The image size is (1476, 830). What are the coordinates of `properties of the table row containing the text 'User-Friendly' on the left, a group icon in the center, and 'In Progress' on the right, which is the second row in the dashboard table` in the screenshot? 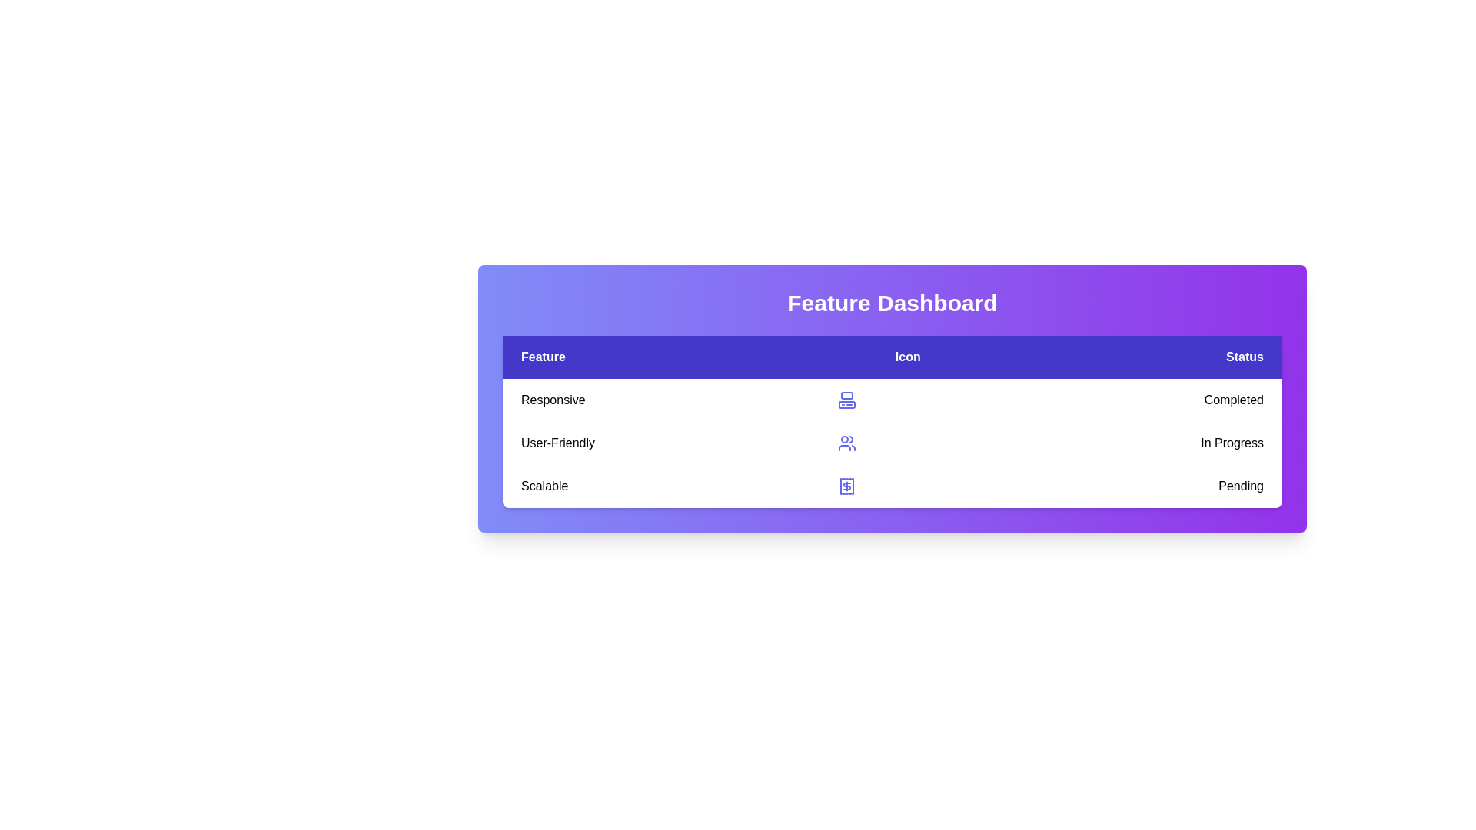 It's located at (893, 443).